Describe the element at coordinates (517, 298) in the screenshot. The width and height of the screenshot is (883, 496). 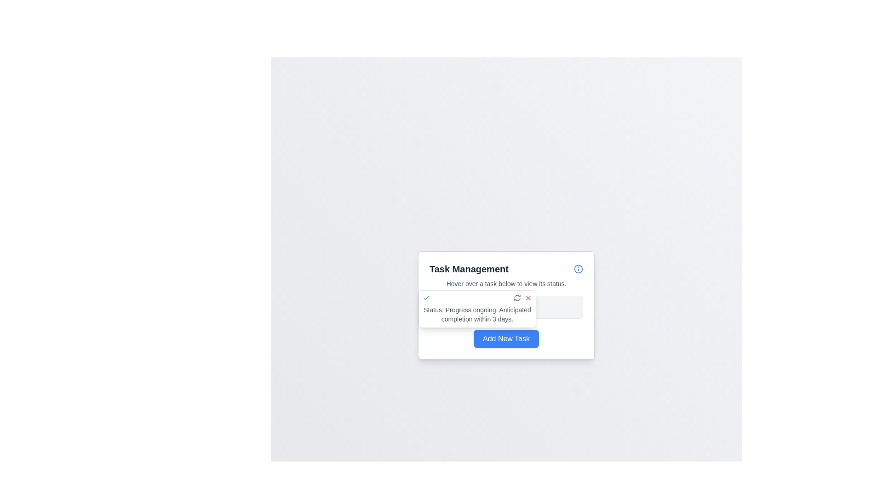
I see `the refresh icon button located between the green checkmark icon and the red cross icon` at that location.